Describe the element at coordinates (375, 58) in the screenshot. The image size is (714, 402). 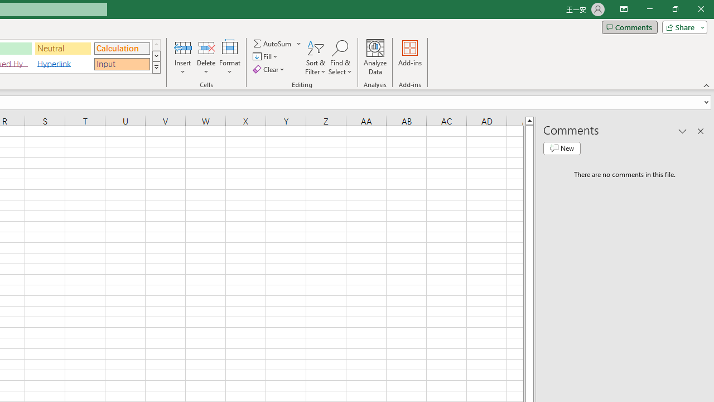
I see `'Analyze Data'` at that location.